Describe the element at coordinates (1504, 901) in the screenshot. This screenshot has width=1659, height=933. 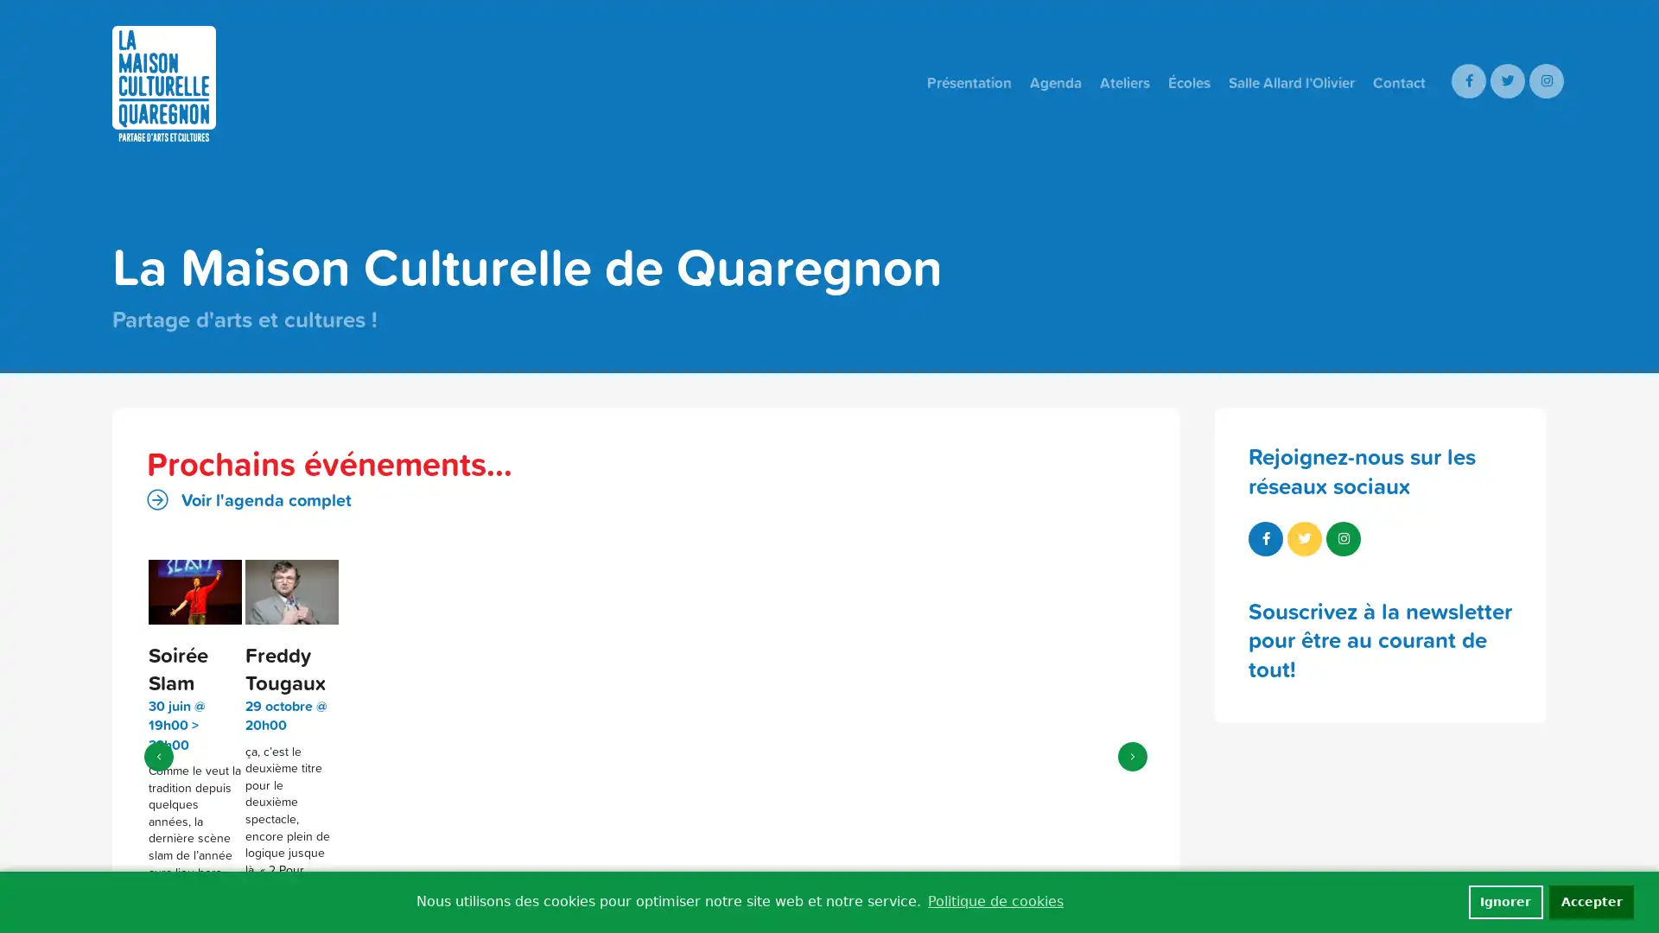
I see `Ignorer` at that location.